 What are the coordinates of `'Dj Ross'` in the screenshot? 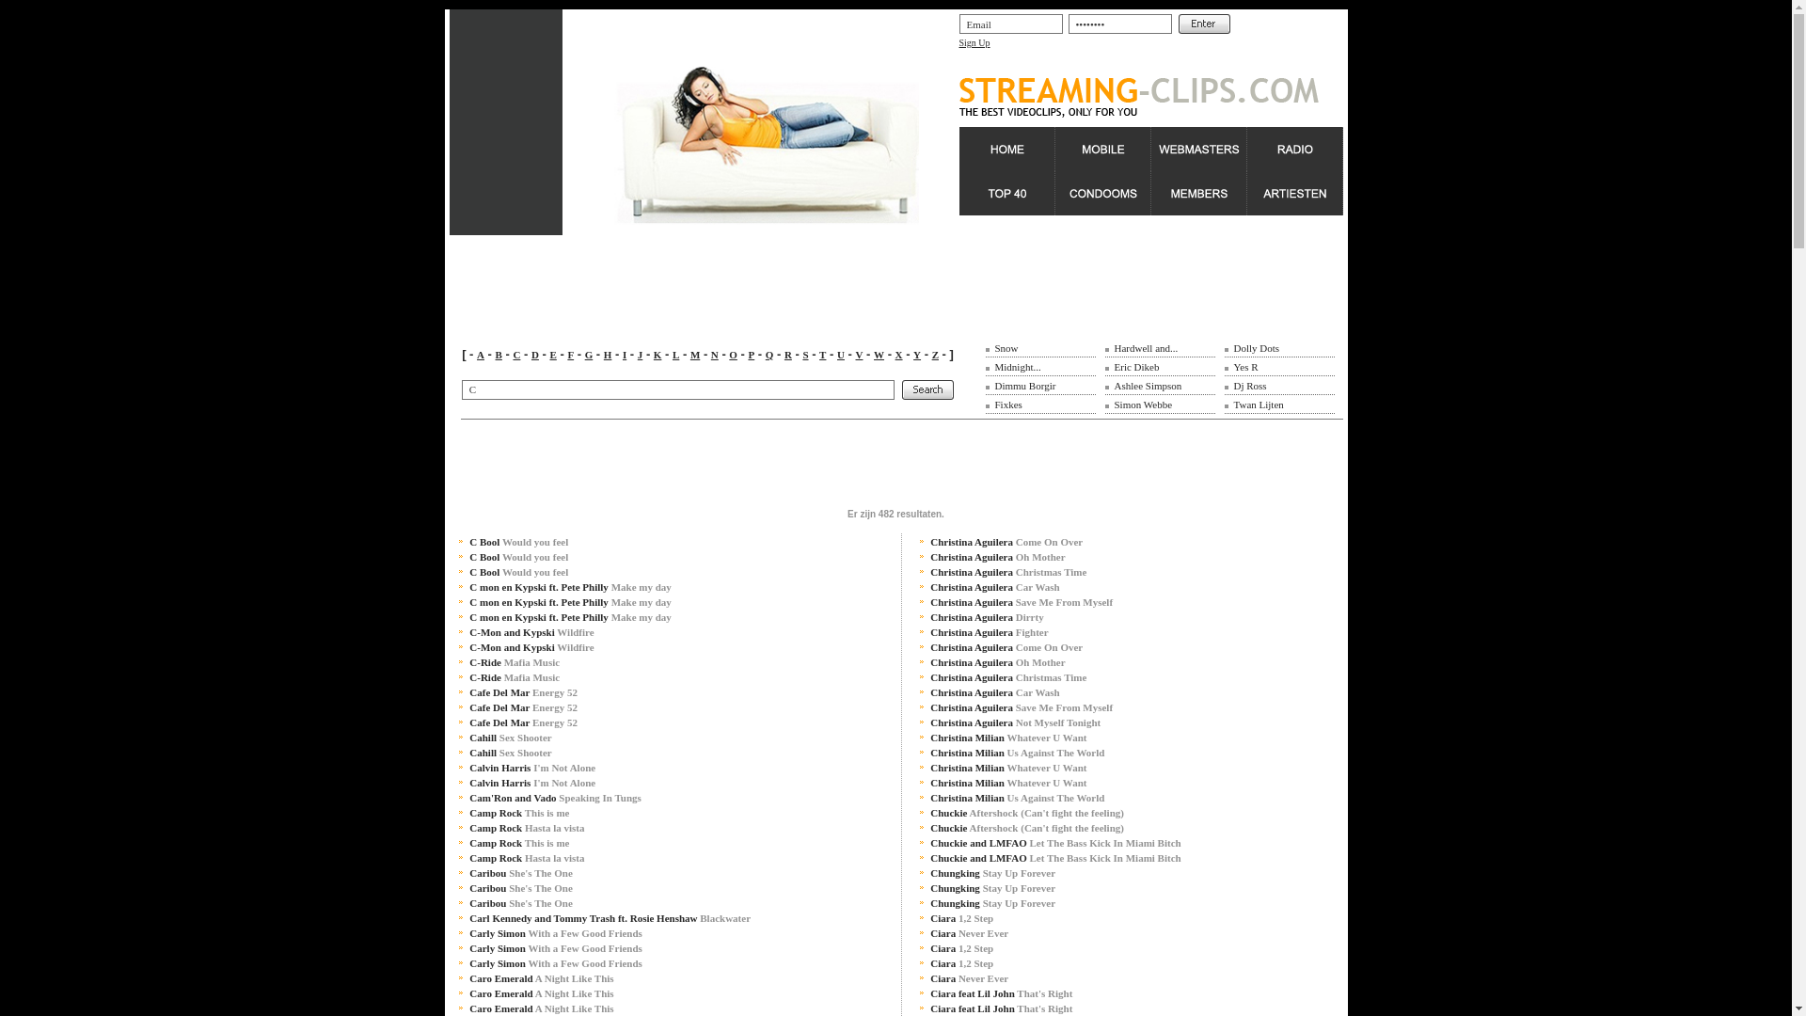 It's located at (1250, 384).